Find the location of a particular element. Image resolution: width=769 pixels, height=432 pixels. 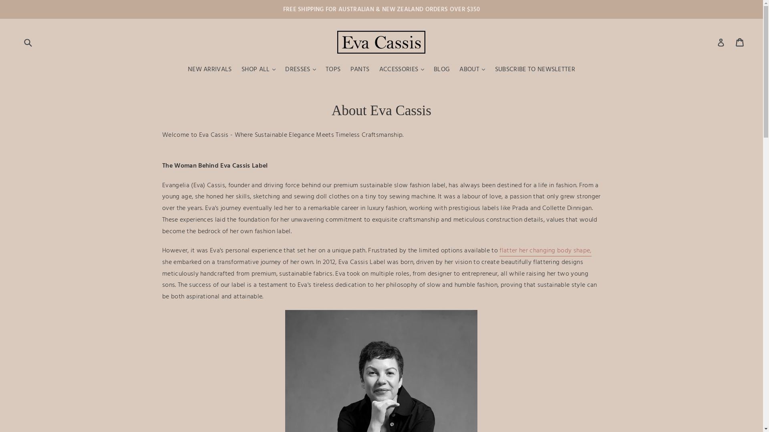

'FREE SHIPPING FOR AUSTRALIAN & NEW ZEALAND ORDERS OVER $350' is located at coordinates (381, 9).